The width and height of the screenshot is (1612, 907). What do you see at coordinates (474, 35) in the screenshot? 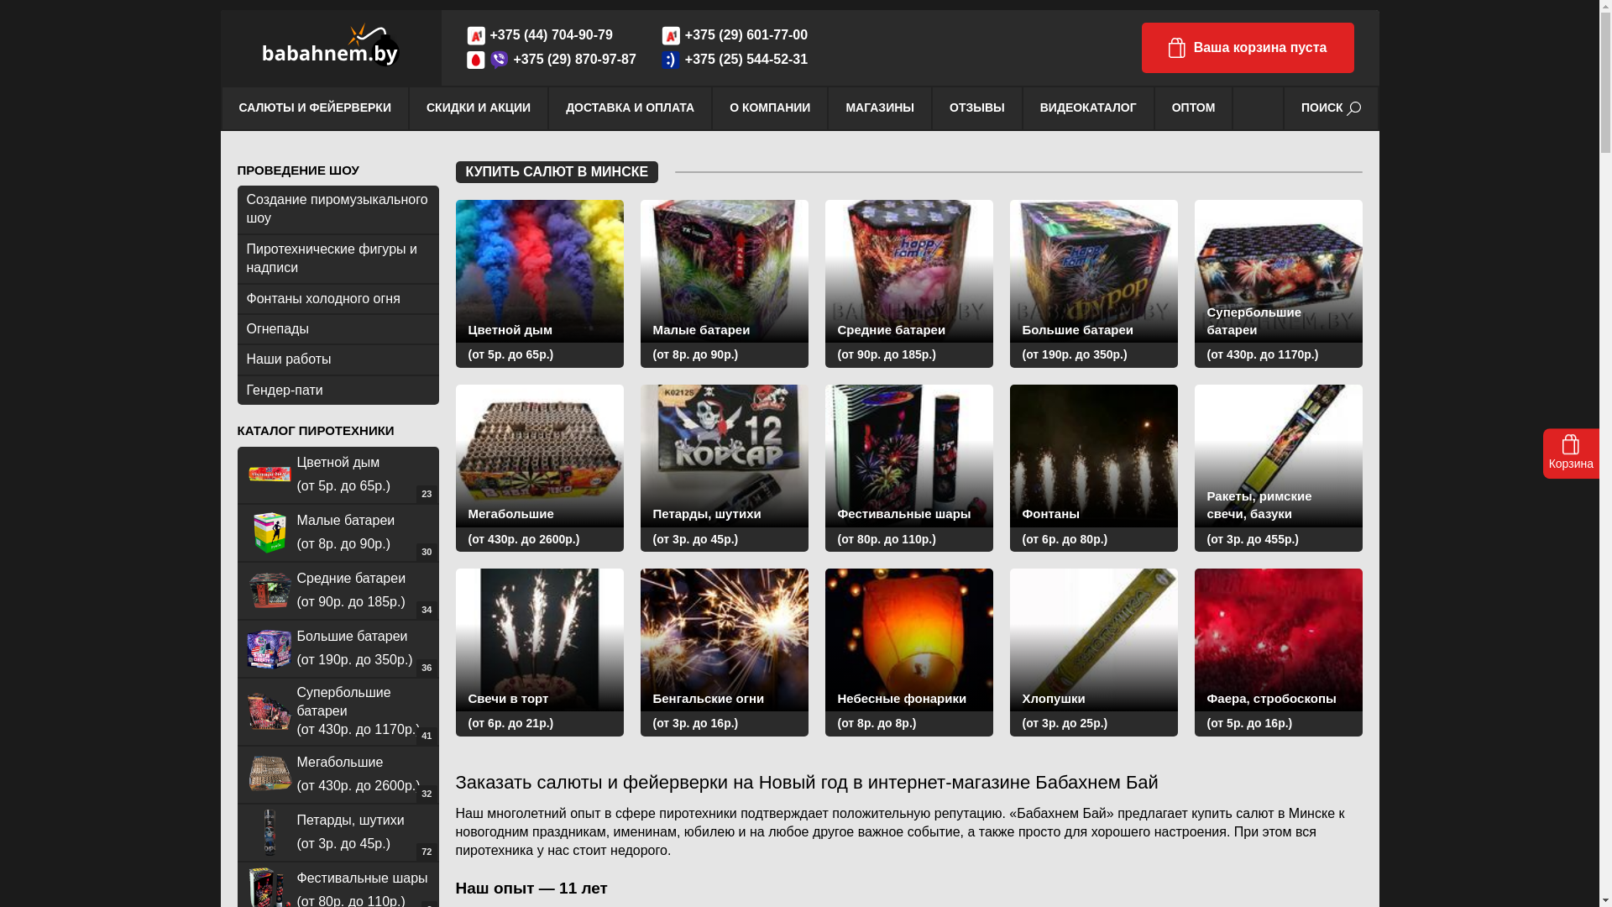
I see `'A1'` at bounding box center [474, 35].